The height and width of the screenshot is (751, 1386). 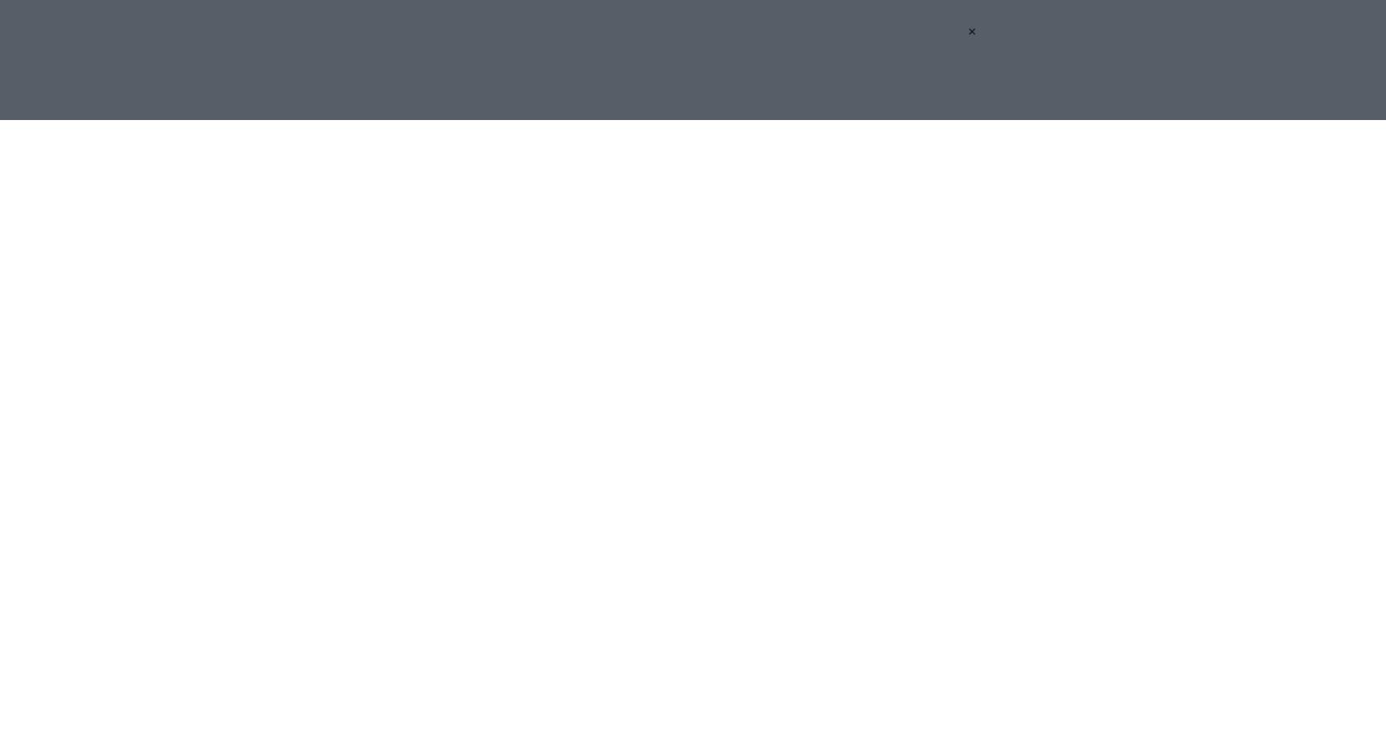 I want to click on 'The fate of a genius: why two games could determine Guardiola’s legacy', so click(x=680, y=165).